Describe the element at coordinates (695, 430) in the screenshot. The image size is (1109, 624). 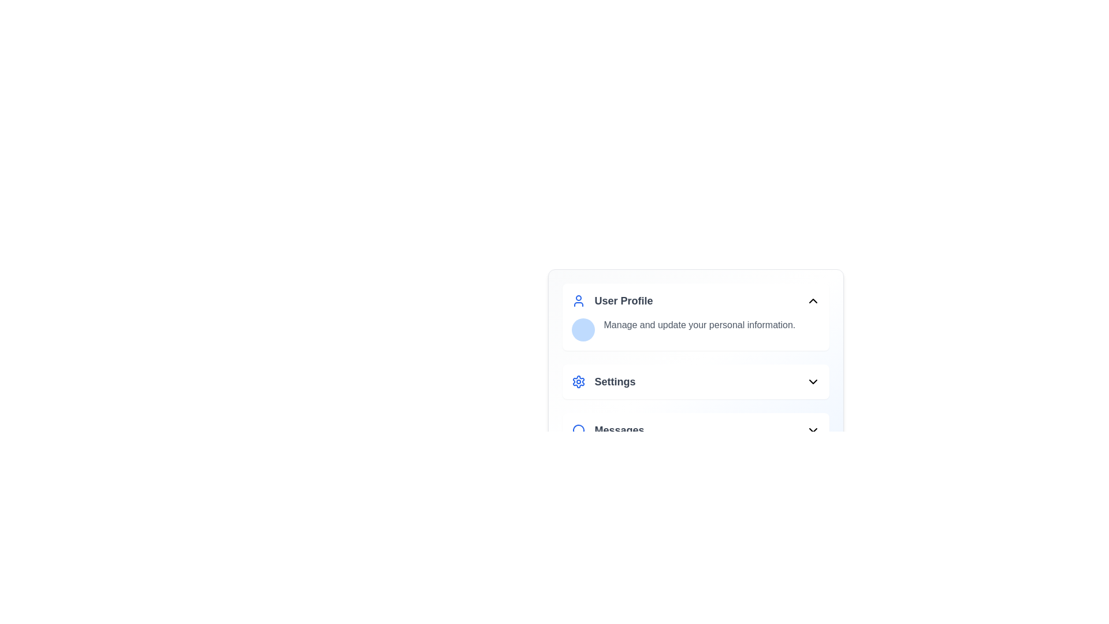
I see `the 'Messages' dropdown menu item located at the bottom of the card, below 'User Profile' and 'Settings'` at that location.